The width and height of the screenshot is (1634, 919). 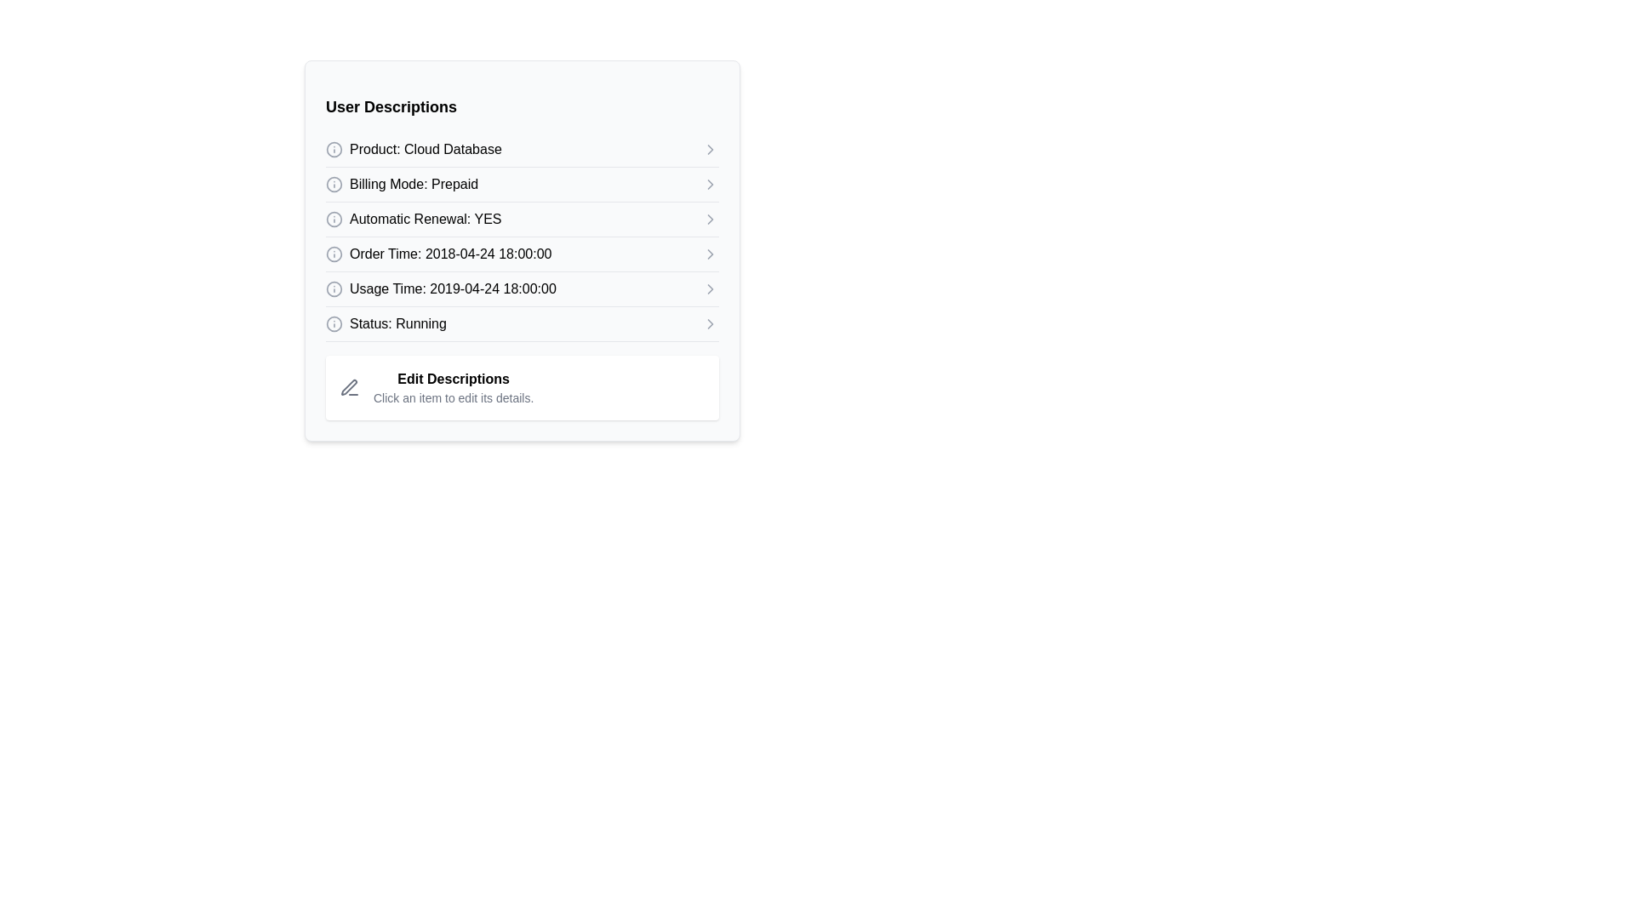 What do you see at coordinates (334, 254) in the screenshot?
I see `the information icon located to the left of the text 'Order Time: 2018-04-24 18:00:00'` at bounding box center [334, 254].